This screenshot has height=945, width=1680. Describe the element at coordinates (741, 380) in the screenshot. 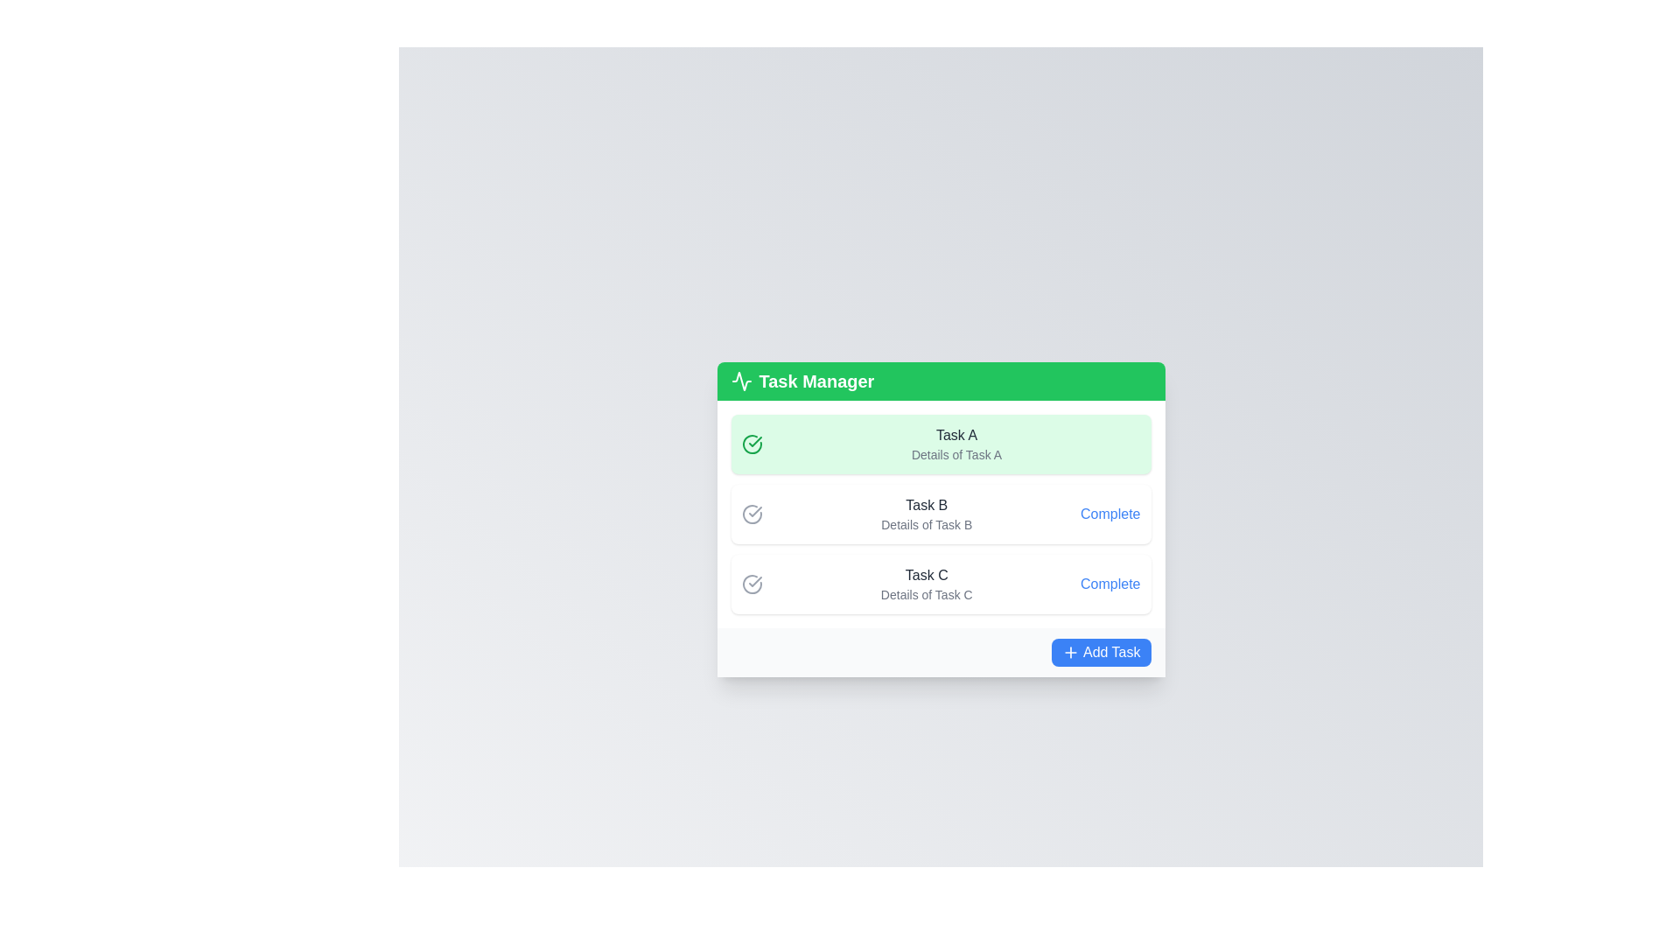

I see `the activity or status icon located at the top-left corner of the green header area labeled 'Task Manager'` at that location.